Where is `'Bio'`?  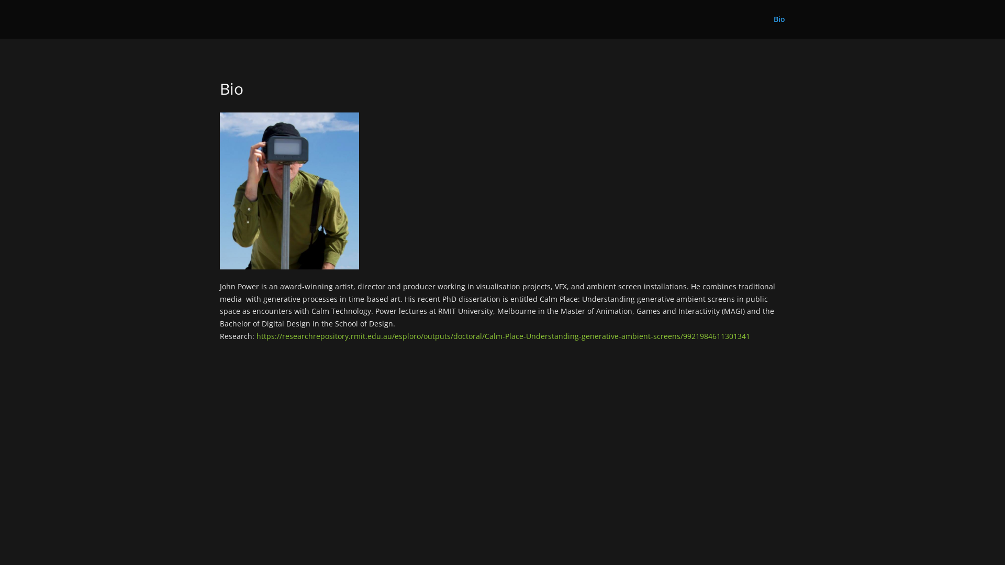 'Bio' is located at coordinates (779, 26).